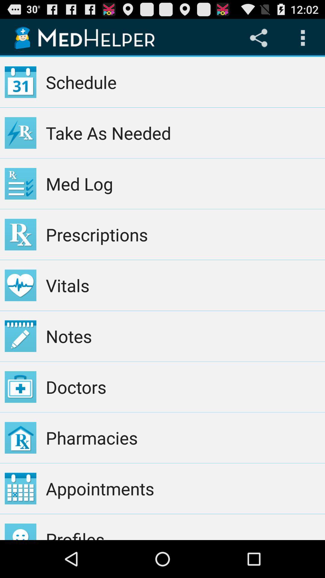 The image size is (325, 578). I want to click on the med log, so click(183, 183).